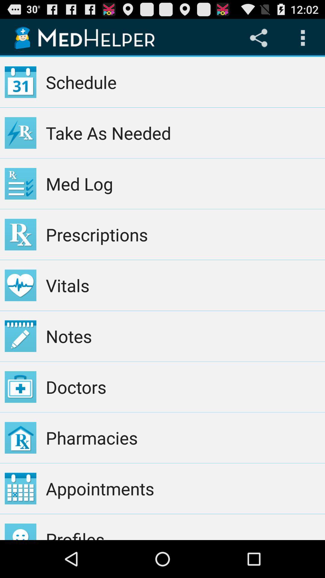 The image size is (325, 578). I want to click on the med log, so click(183, 183).